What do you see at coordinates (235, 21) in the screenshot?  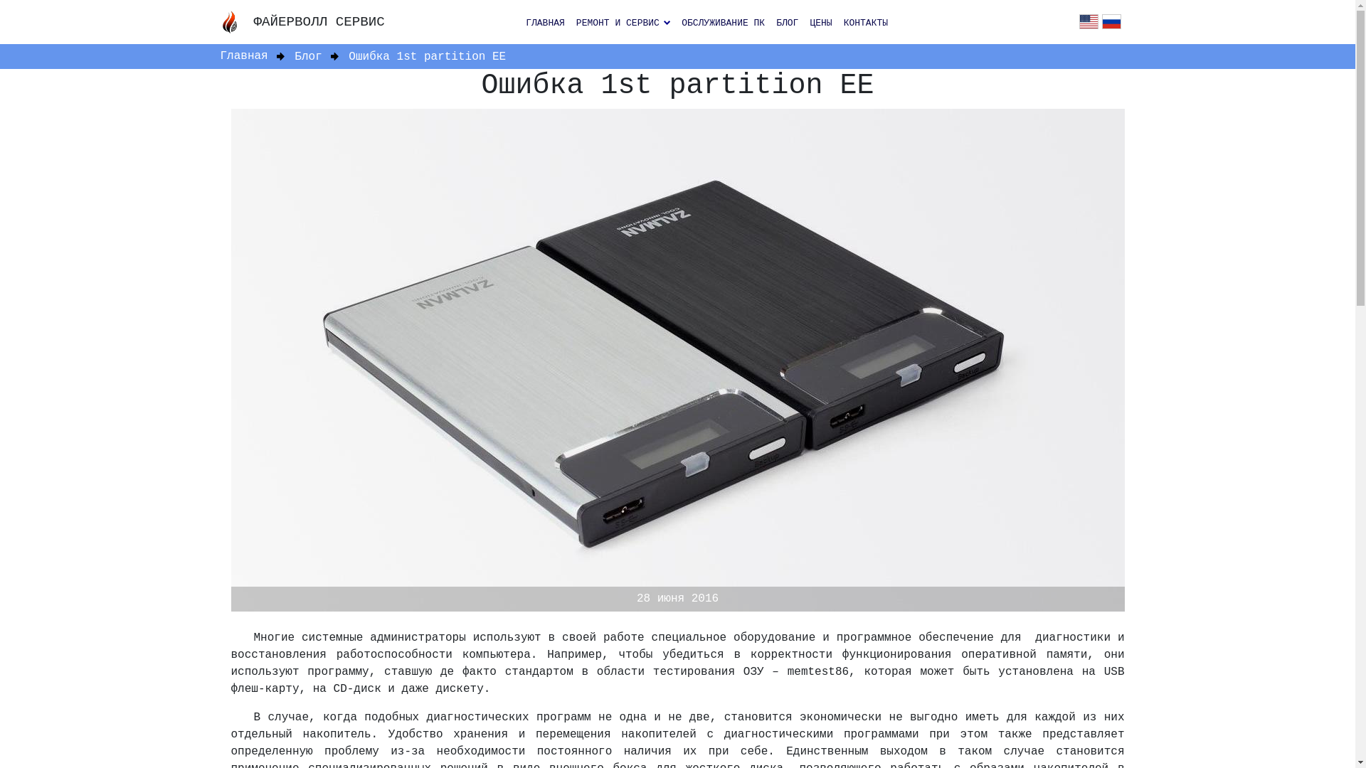 I see `'Home'` at bounding box center [235, 21].